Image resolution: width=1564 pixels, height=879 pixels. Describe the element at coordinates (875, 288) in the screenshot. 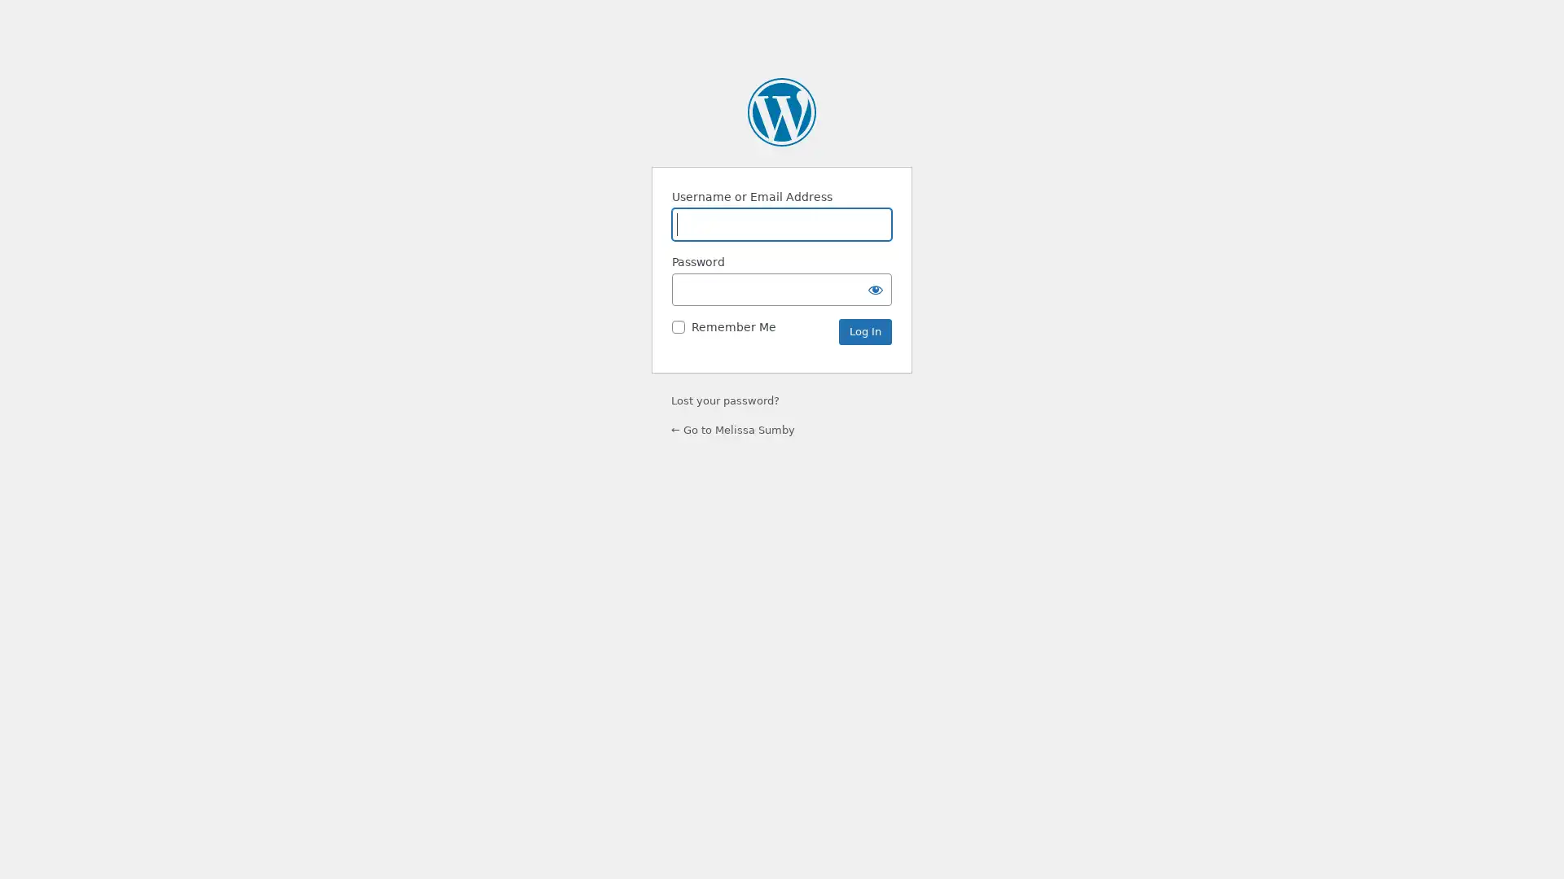

I see `Show password` at that location.